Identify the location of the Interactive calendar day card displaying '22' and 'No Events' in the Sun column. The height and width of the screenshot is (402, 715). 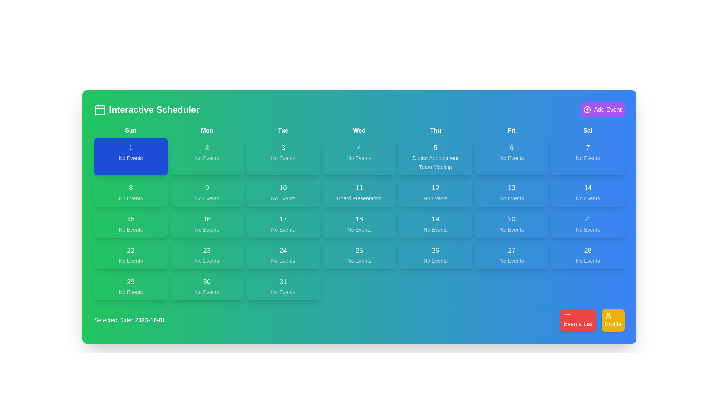
(131, 255).